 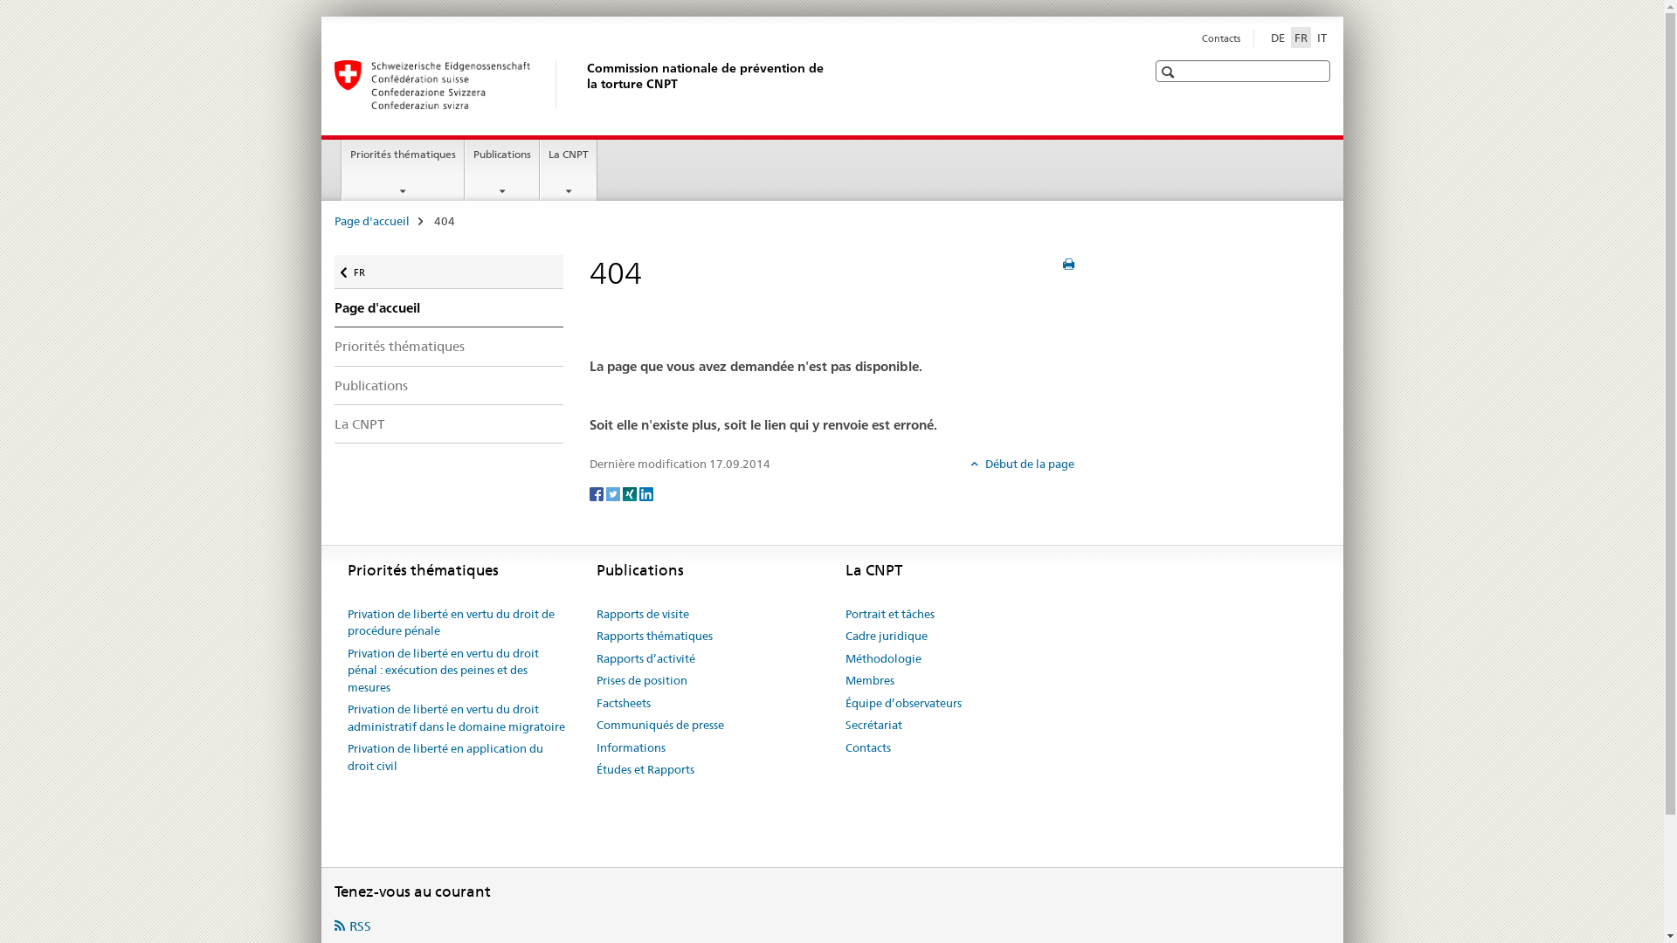 What do you see at coordinates (1201, 38) in the screenshot?
I see `'Contacts'` at bounding box center [1201, 38].